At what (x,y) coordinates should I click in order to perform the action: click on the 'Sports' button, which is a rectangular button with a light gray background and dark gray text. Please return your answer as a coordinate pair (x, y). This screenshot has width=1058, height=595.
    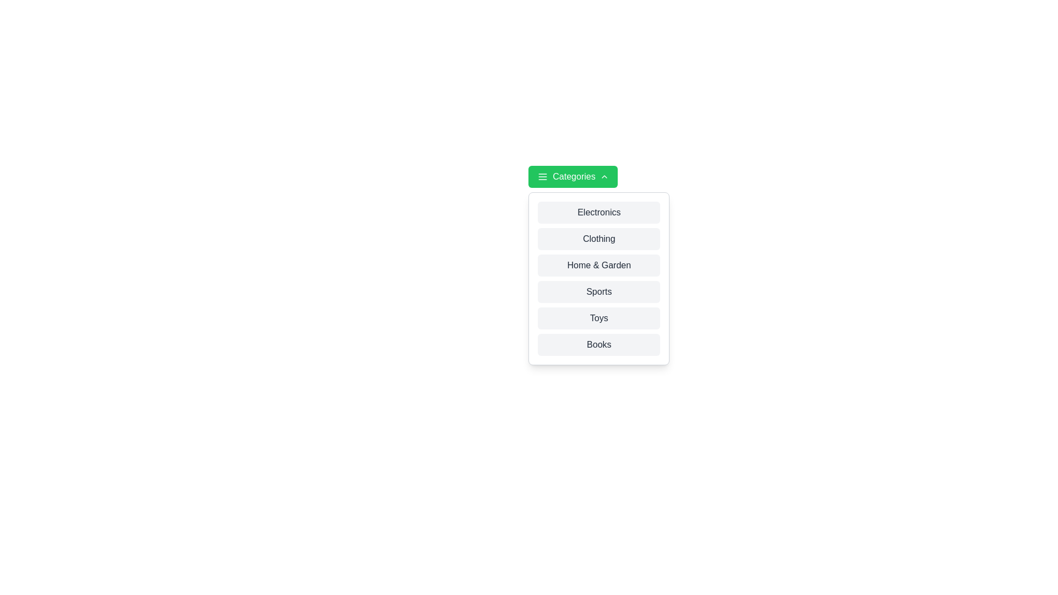
    Looking at the image, I should click on (598, 291).